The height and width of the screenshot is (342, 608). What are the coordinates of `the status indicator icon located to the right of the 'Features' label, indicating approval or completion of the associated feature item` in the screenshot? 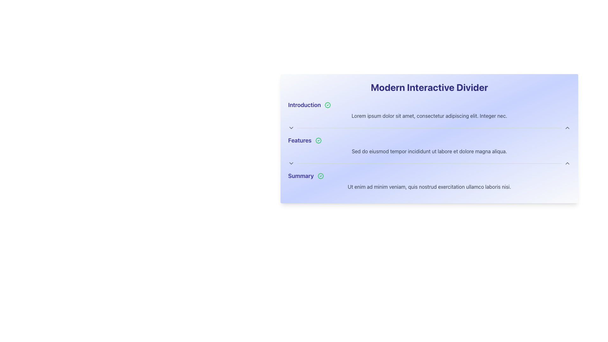 It's located at (318, 140).